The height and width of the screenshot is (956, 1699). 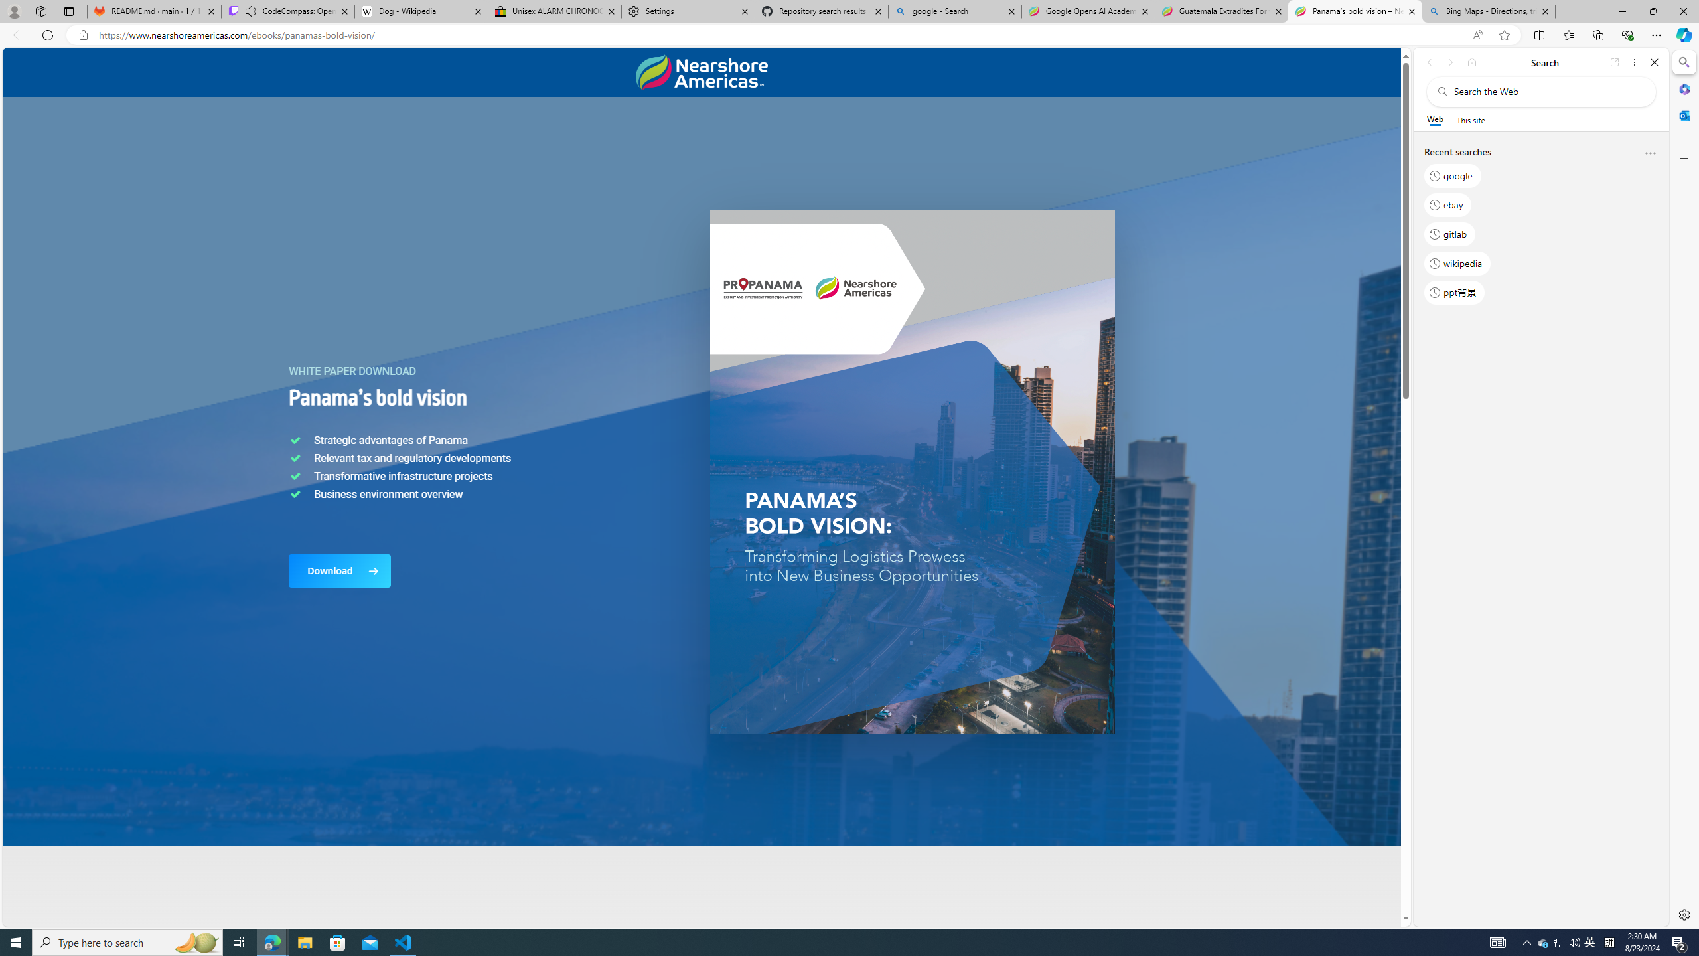 What do you see at coordinates (1682, 157) in the screenshot?
I see `'Customize'` at bounding box center [1682, 157].